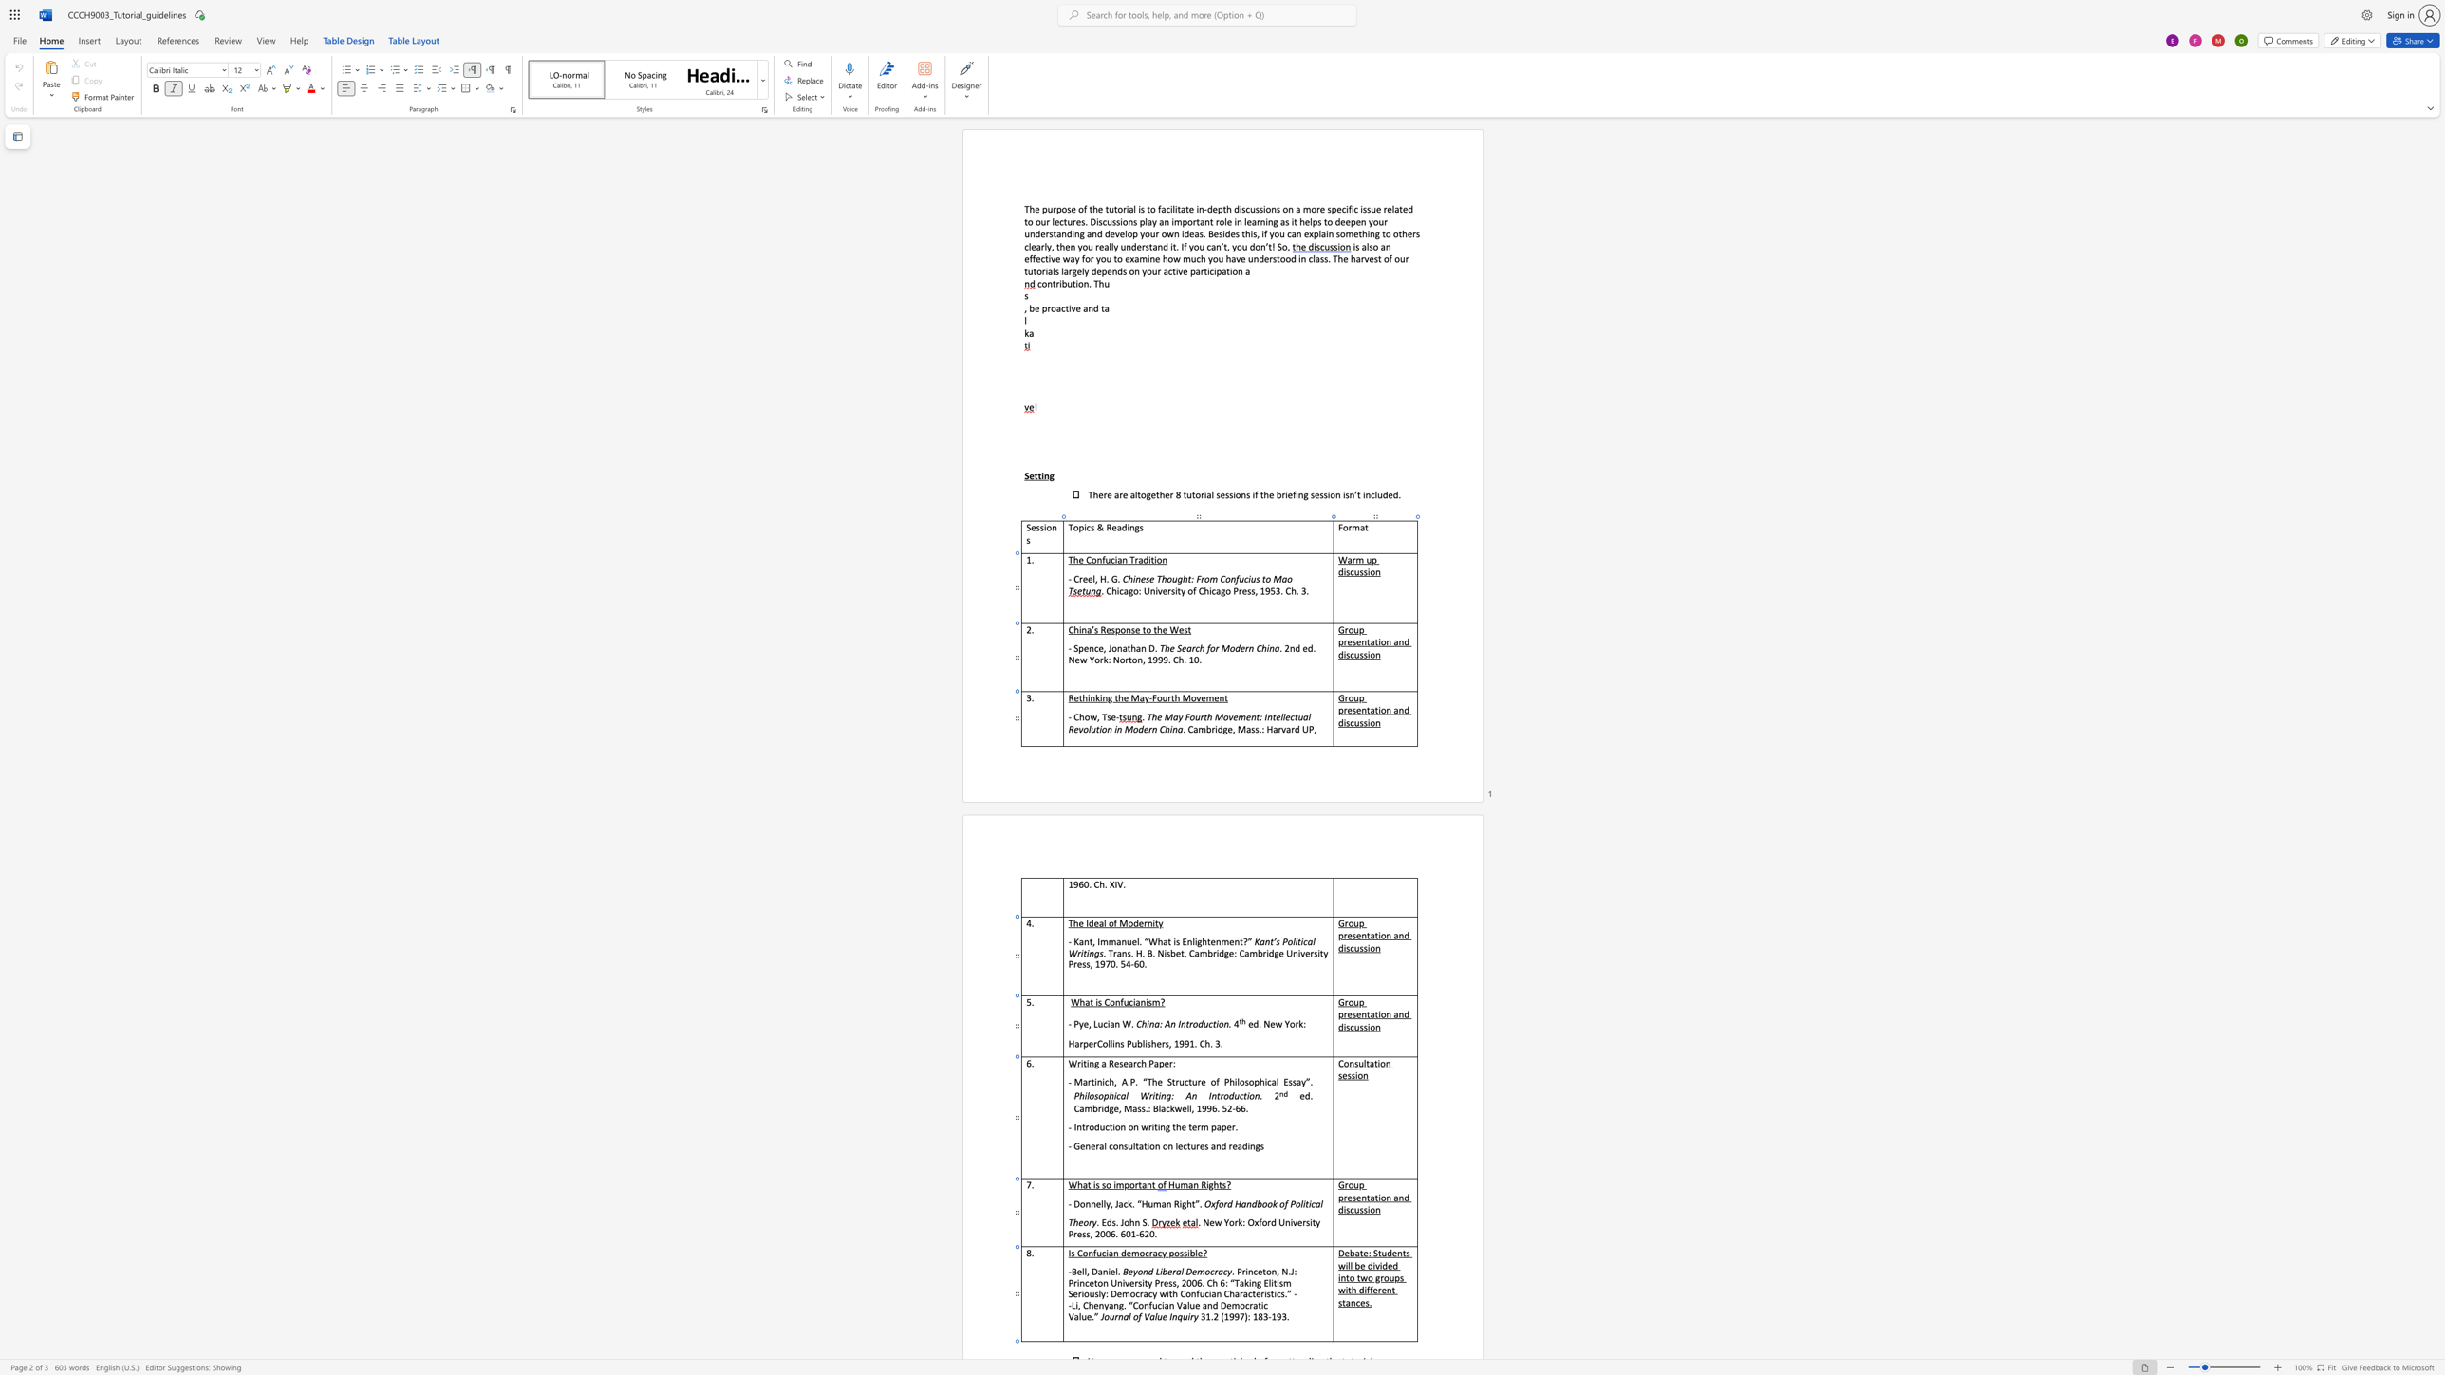  I want to click on the space between the continuous character "o" and "u" in the text, so click(1109, 1316).